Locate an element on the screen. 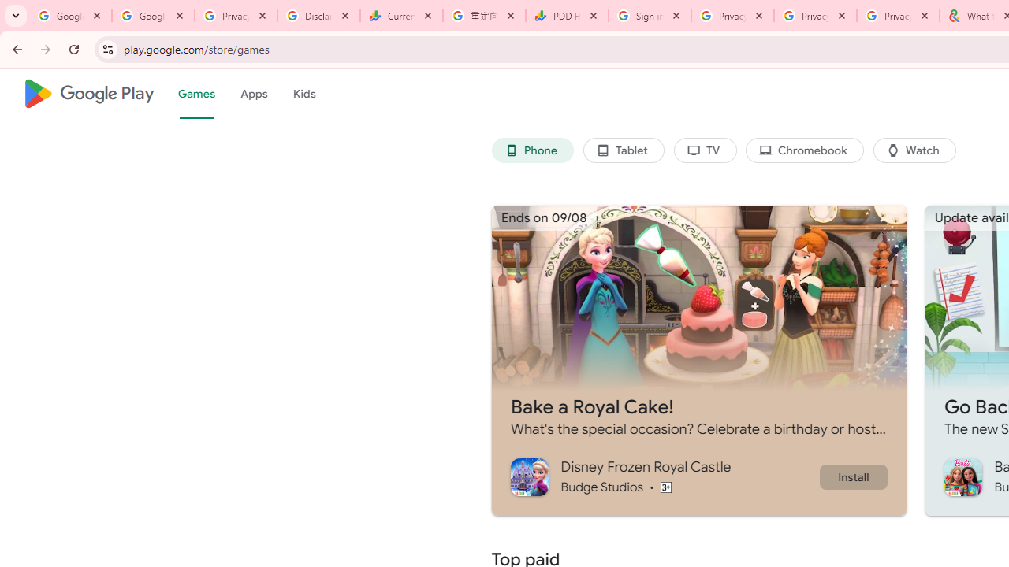  'Watch' is located at coordinates (914, 150).